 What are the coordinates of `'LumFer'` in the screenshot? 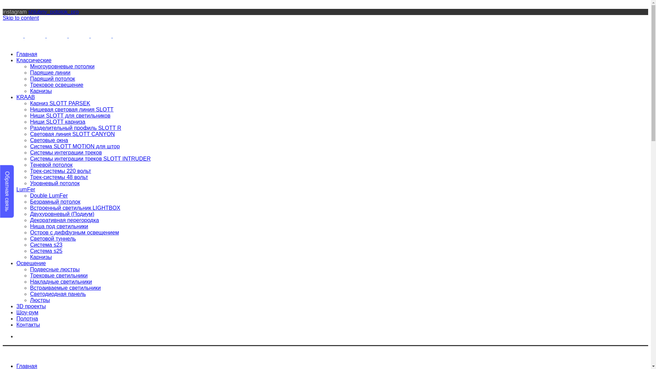 It's located at (26, 189).